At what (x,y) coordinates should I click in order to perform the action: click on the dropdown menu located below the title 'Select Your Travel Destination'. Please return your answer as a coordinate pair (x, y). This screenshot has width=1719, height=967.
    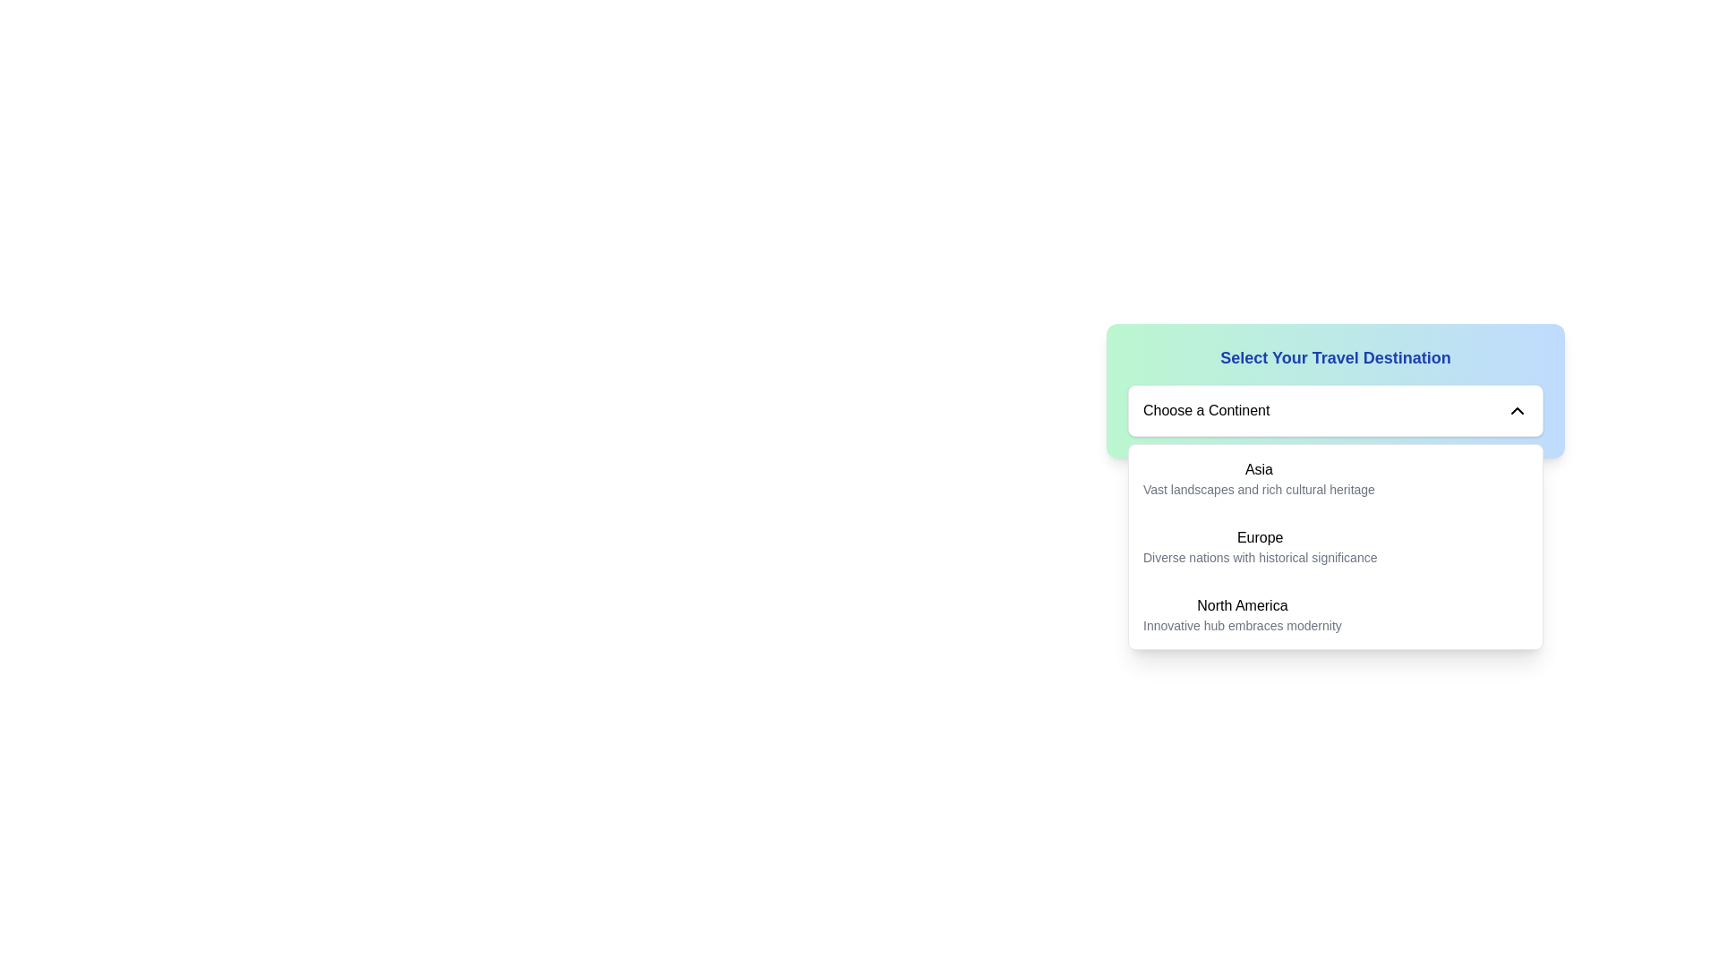
    Looking at the image, I should click on (1336, 411).